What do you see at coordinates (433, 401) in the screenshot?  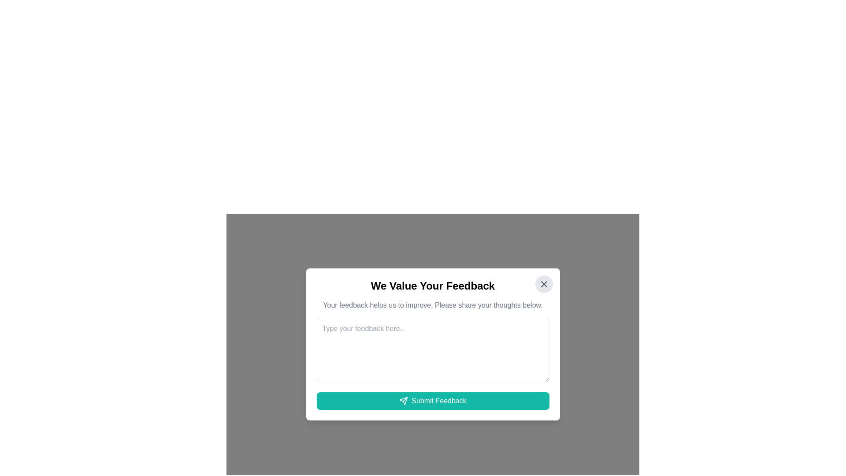 I see `the 'Submit Feedback' button, which is a horizontally elongated button with a teal background and white text, located at the bottom of the feedback submission form` at bounding box center [433, 401].